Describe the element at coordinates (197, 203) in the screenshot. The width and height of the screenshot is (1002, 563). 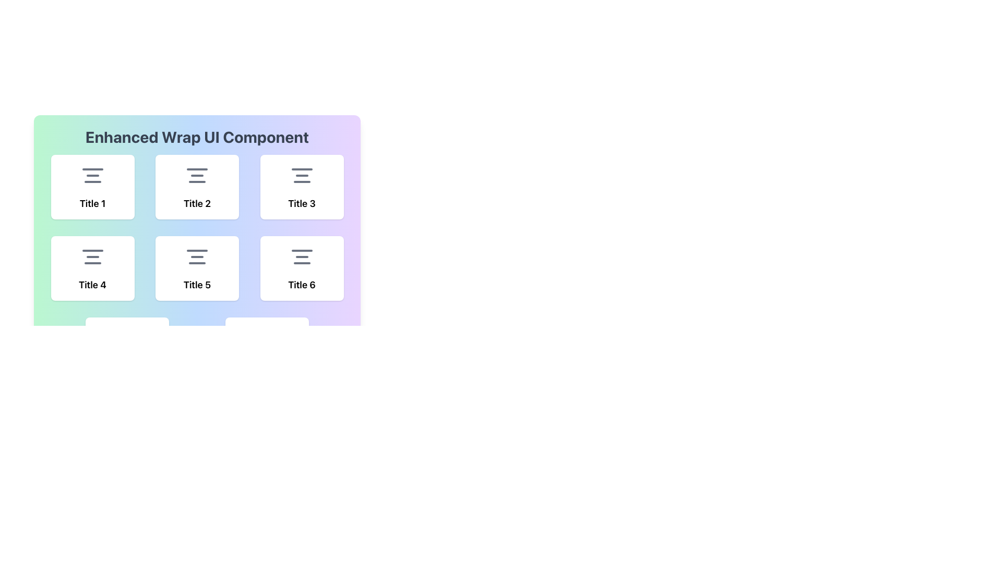
I see `the text label reading 'Title 2', which is styled in bold and centered font, located in the first row and second column of a grid layout` at that location.